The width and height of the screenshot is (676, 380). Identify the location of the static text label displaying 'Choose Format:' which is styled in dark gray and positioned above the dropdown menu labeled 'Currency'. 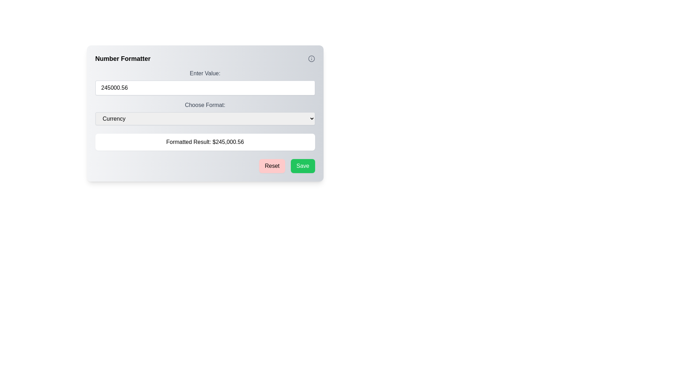
(205, 105).